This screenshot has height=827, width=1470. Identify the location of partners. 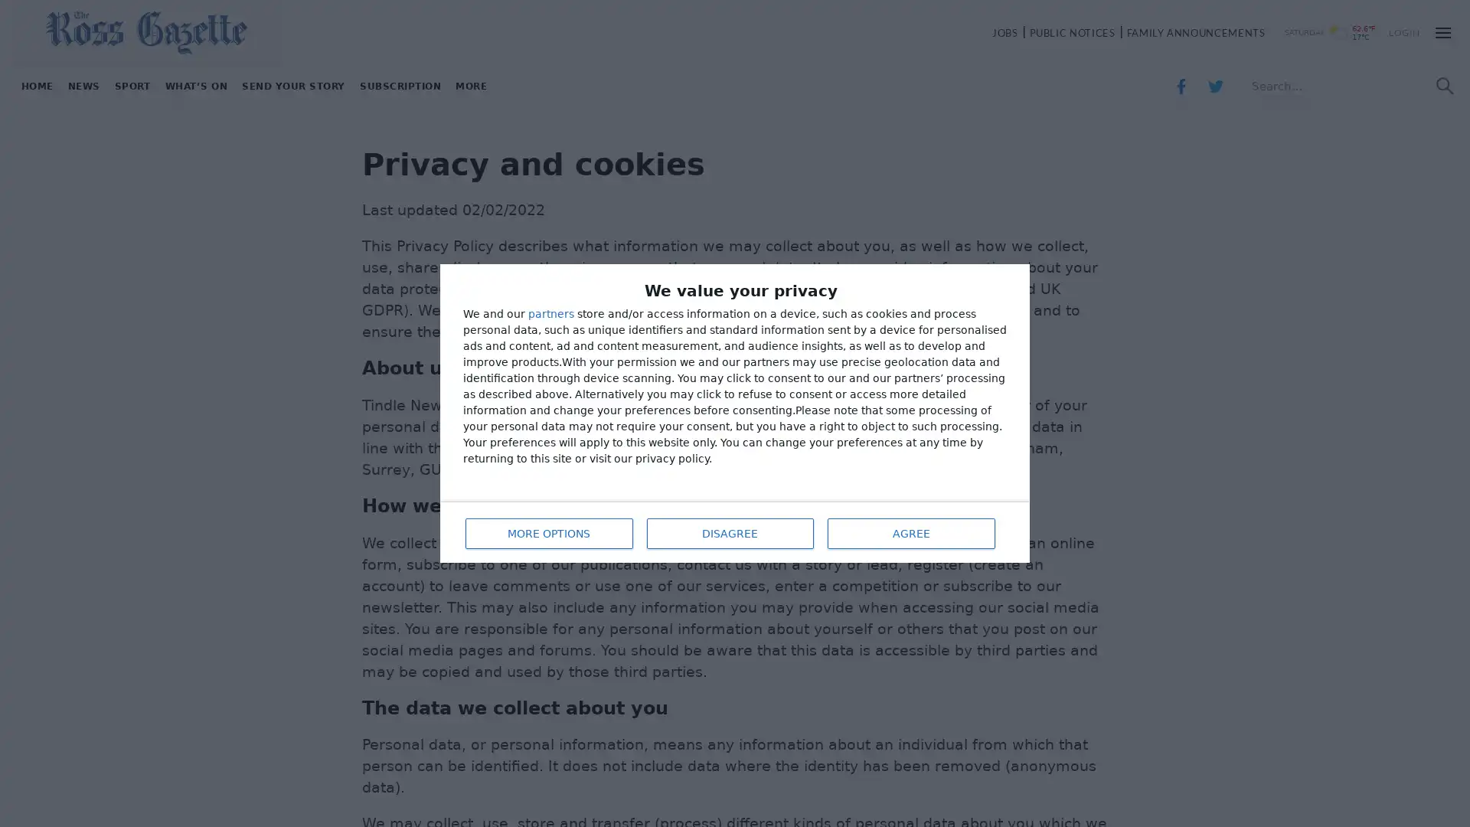
(551, 314).